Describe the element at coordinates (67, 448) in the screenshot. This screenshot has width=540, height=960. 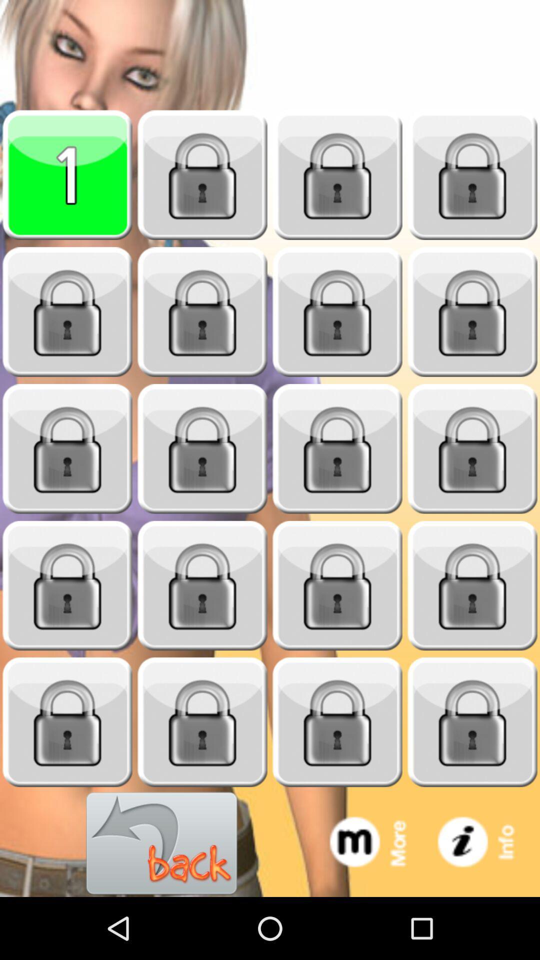
I see `blok` at that location.